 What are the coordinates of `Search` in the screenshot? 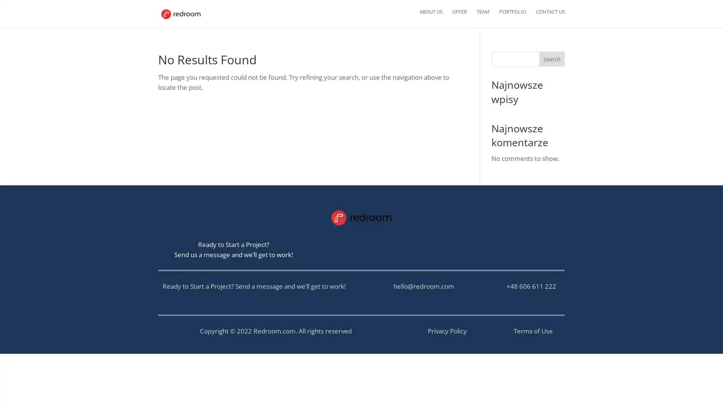 It's located at (552, 57).